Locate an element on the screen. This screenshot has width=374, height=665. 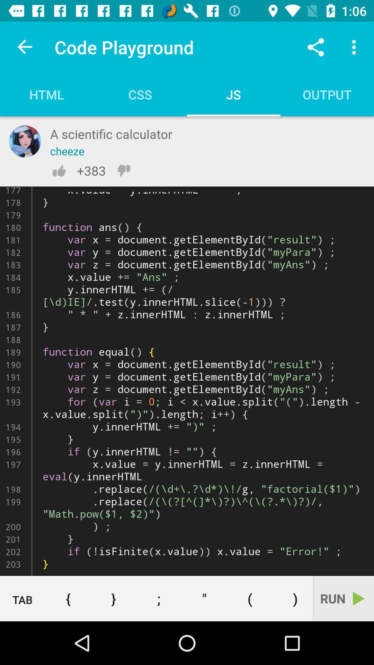
thumbs down or dislike is located at coordinates (123, 170).